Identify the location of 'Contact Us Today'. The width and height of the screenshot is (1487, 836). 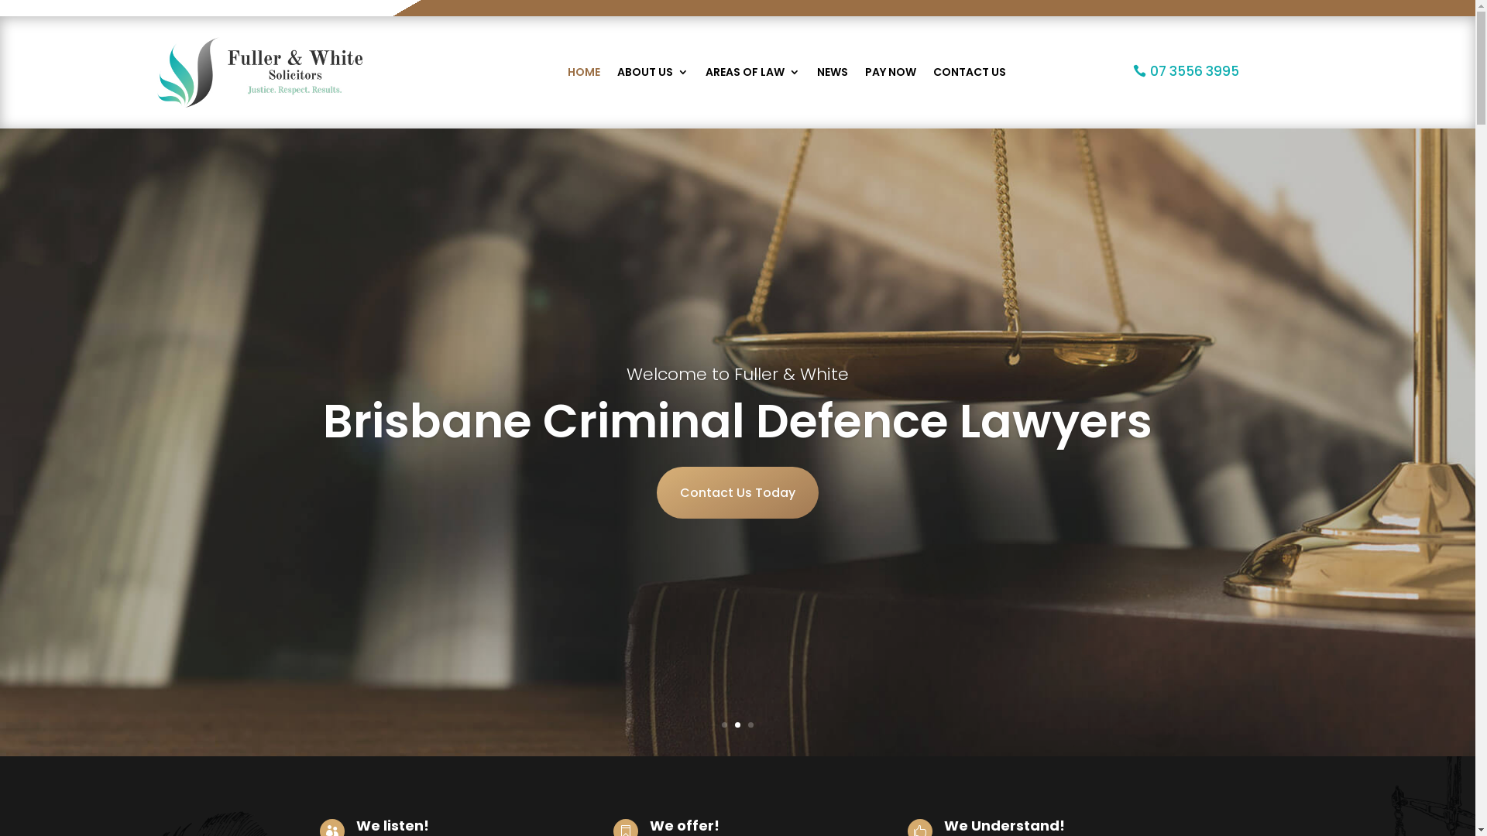
(737, 492).